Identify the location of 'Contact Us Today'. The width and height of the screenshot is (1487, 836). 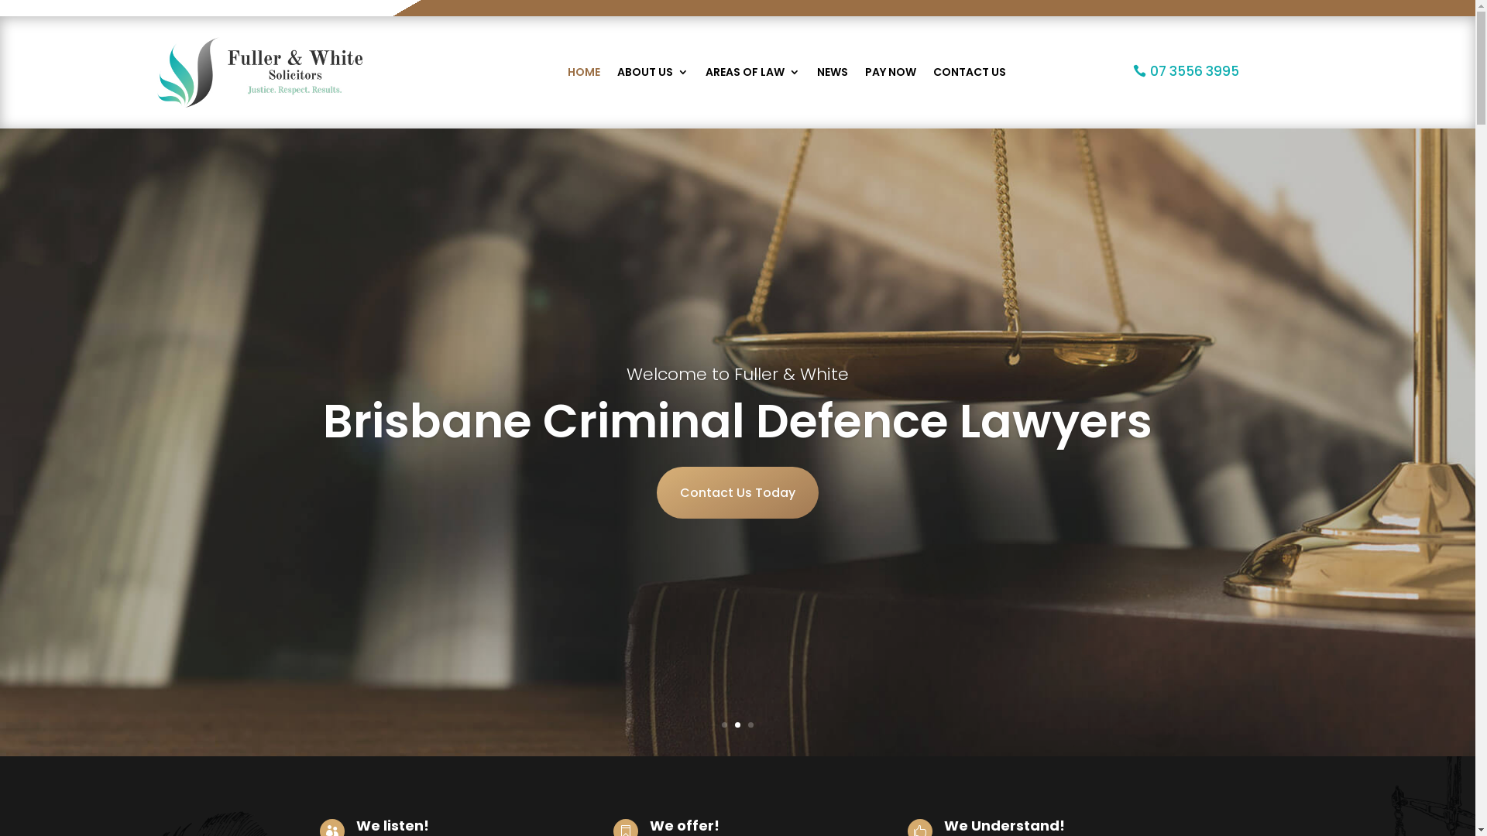
(737, 492).